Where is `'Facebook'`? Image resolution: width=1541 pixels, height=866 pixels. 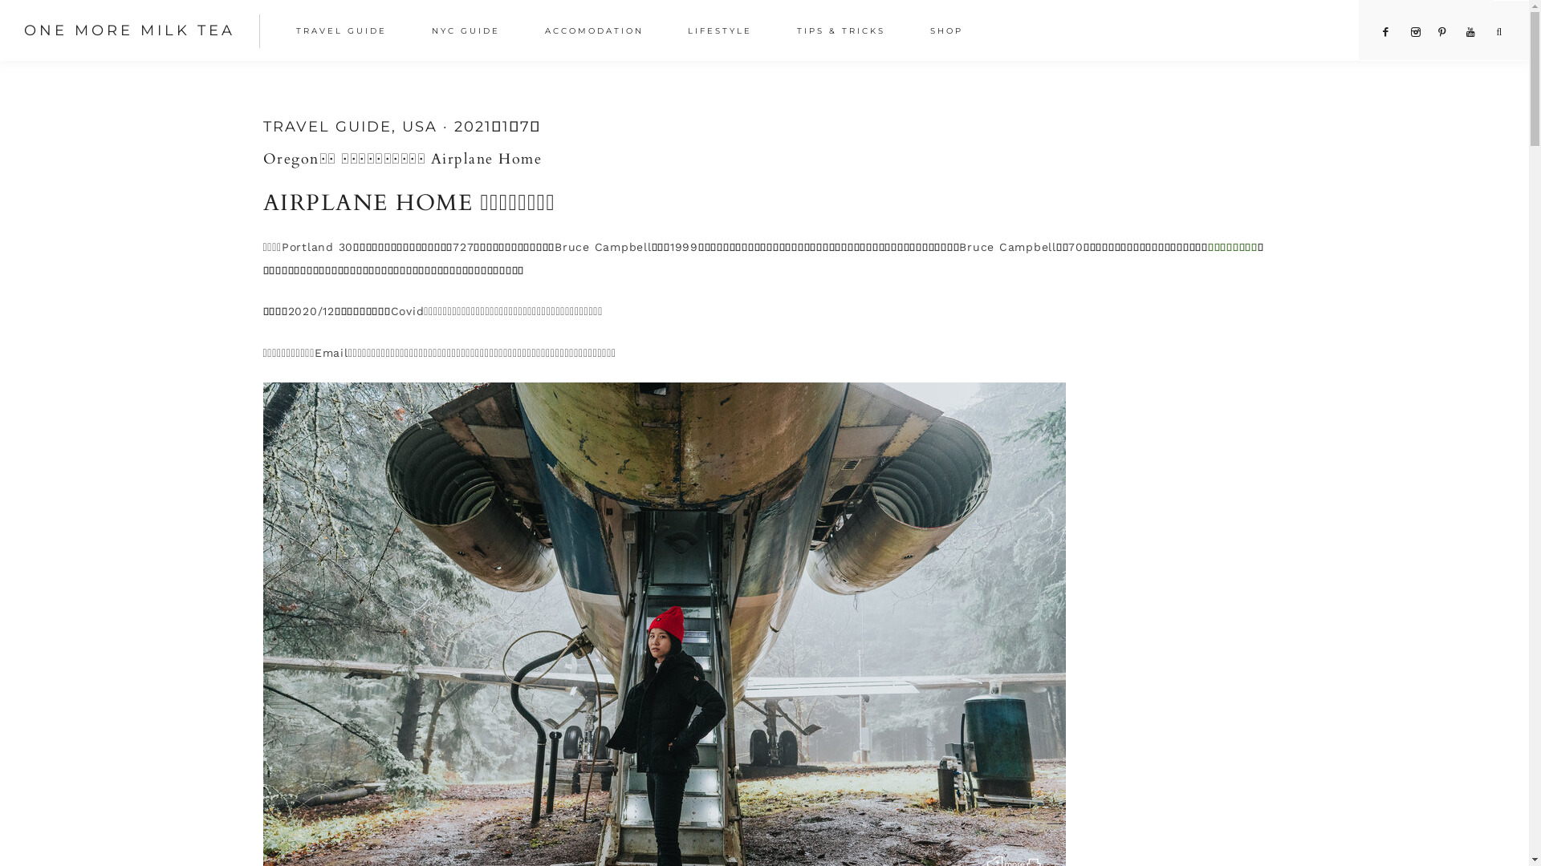 'Facebook' is located at coordinates (1386, 32).